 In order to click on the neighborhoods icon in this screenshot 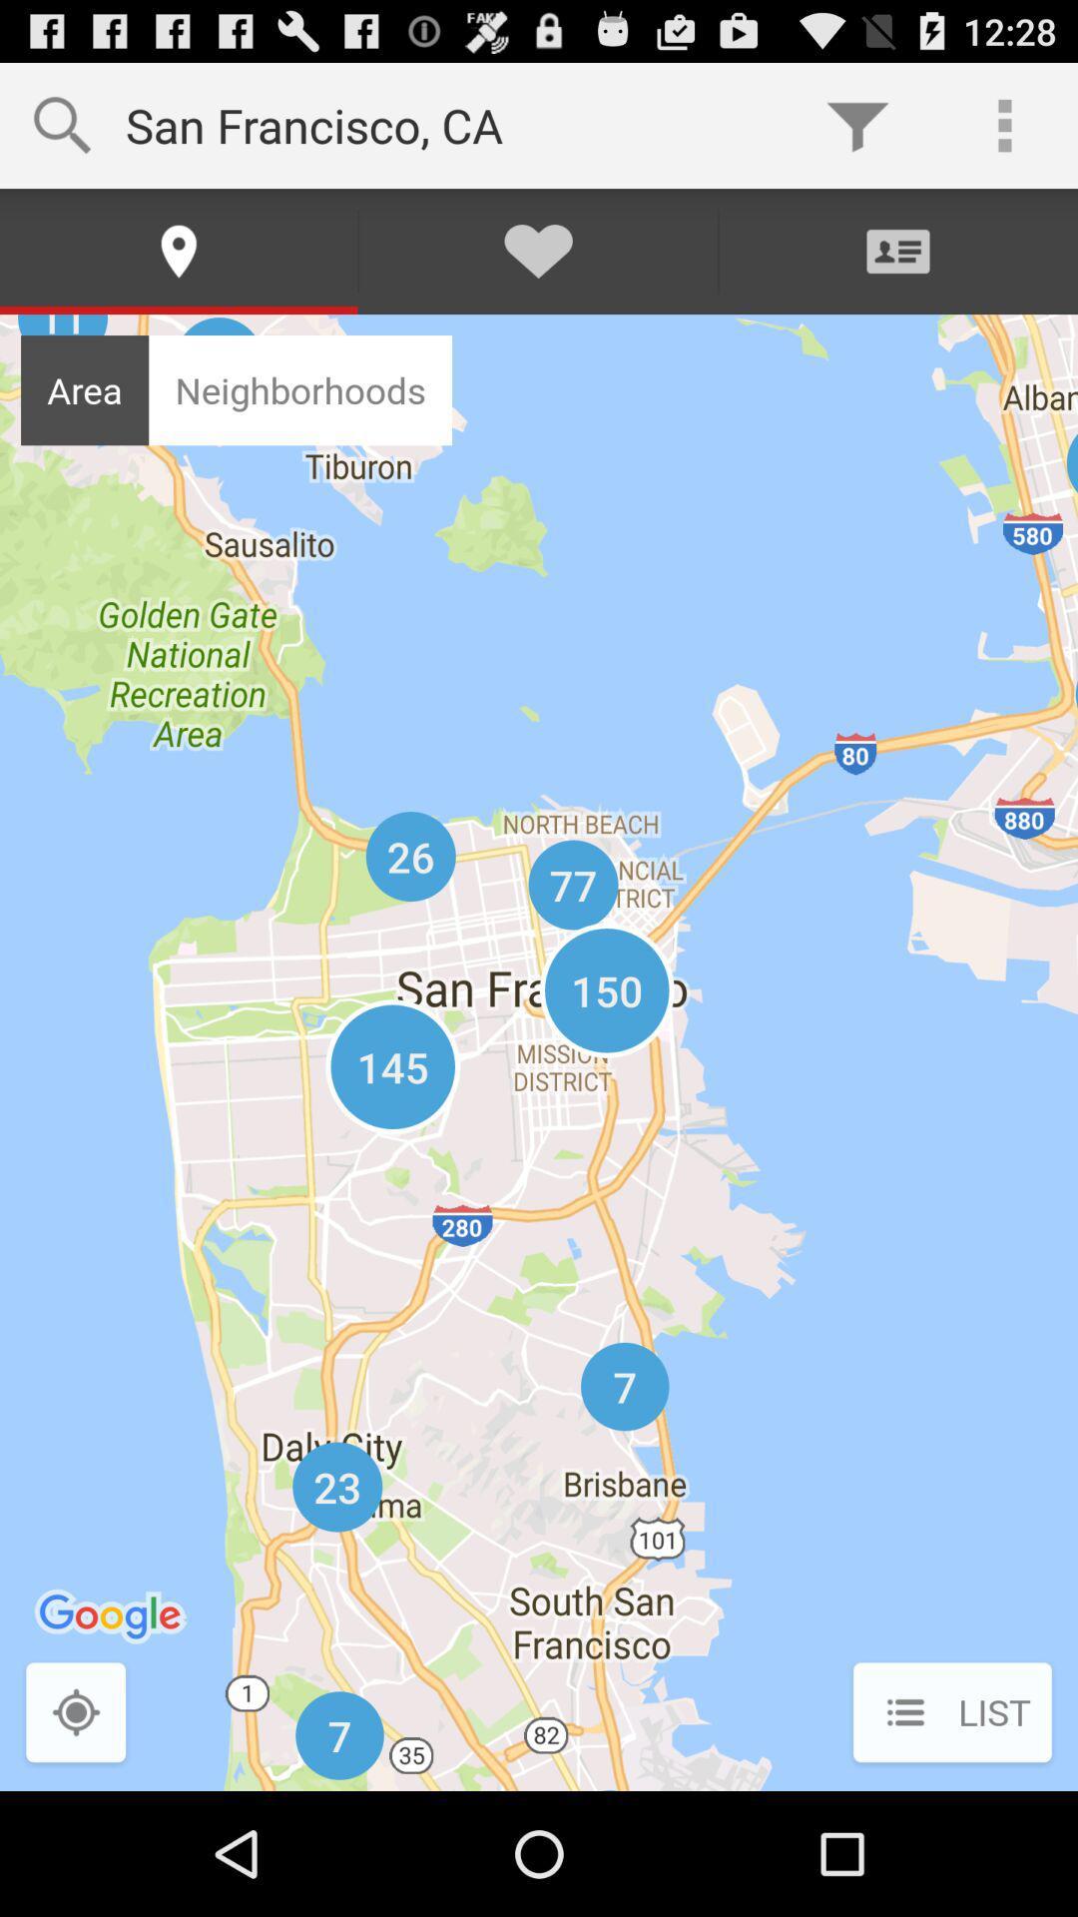, I will do `click(300, 390)`.